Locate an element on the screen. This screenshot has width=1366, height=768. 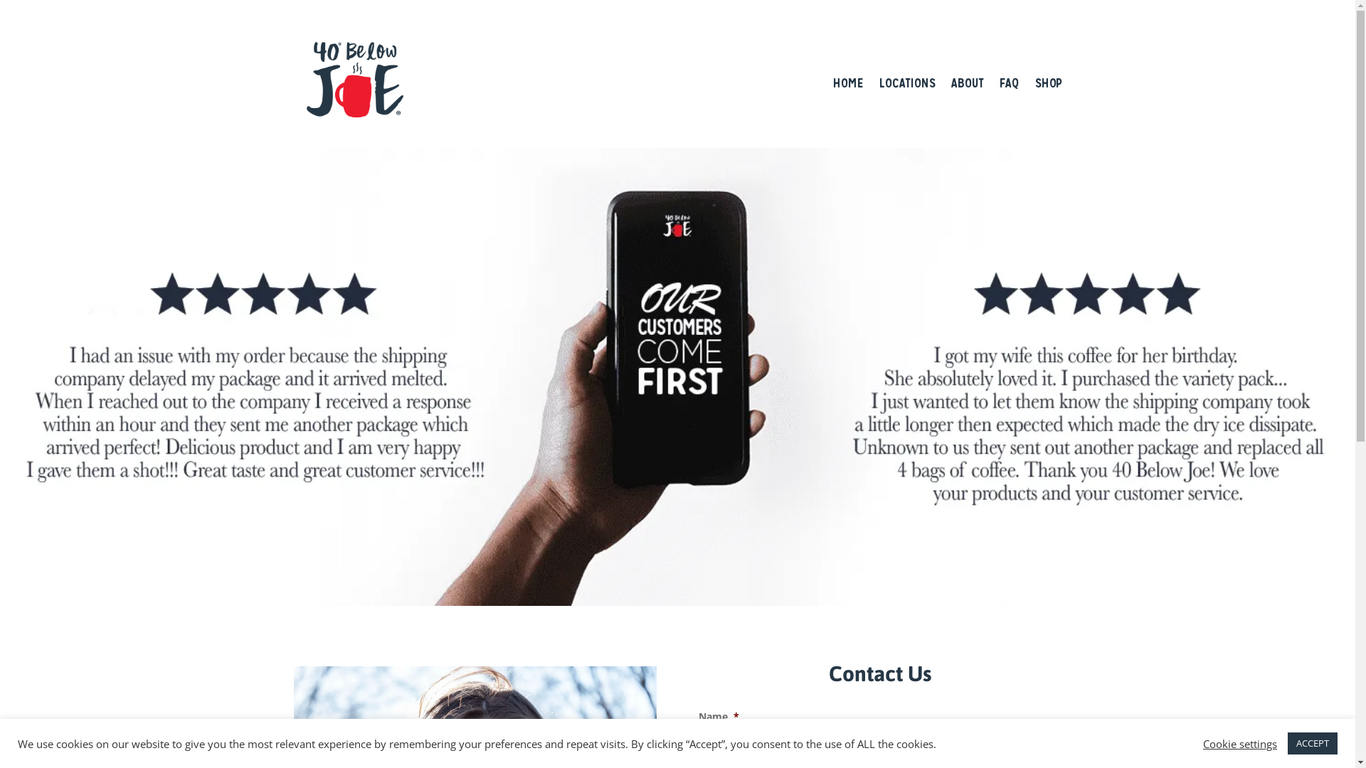
'Contact Us Banner Photo_5.13.20' is located at coordinates (0, 375).